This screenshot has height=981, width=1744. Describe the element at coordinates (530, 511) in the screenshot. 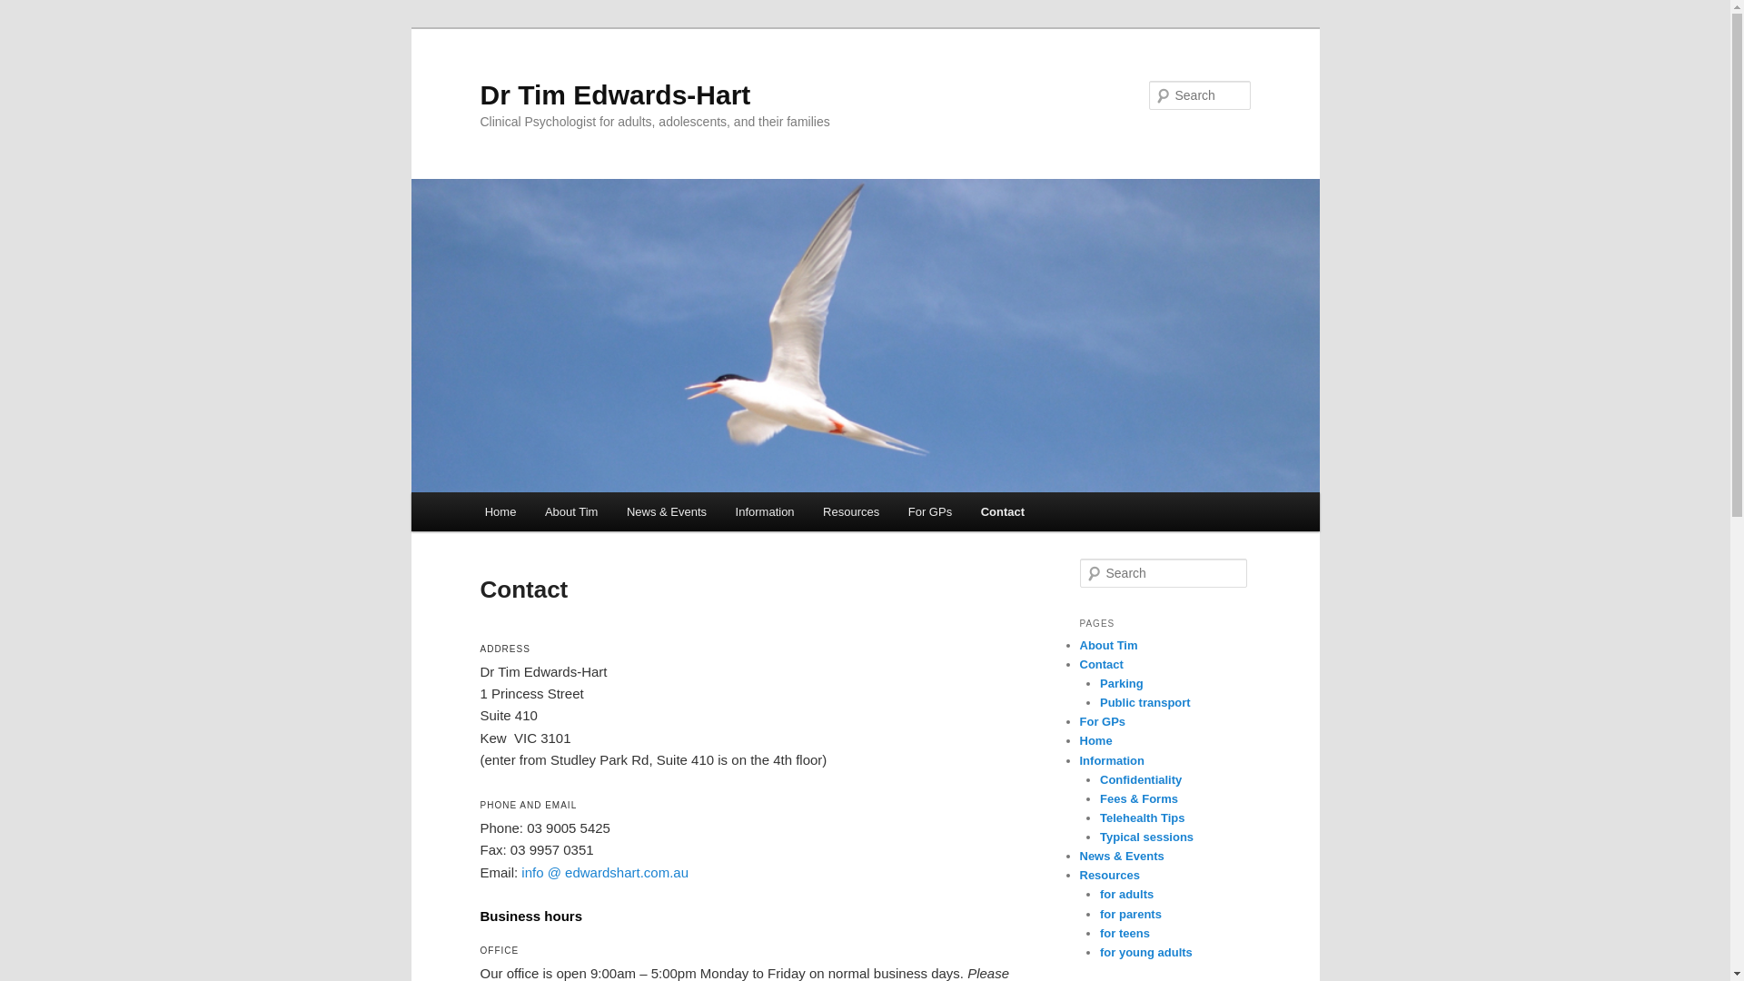

I see `'About Tim'` at that location.